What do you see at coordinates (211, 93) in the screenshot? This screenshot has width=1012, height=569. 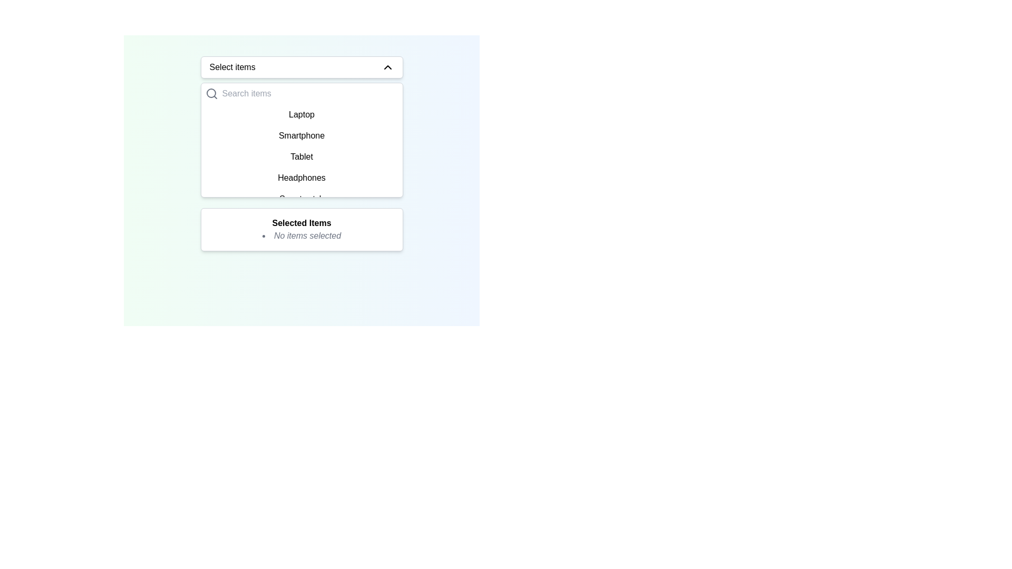 I see `the magnifying glass icon located at the far left of the search input field, which provides a visual cue for the adjacent input field used for searching items` at bounding box center [211, 93].